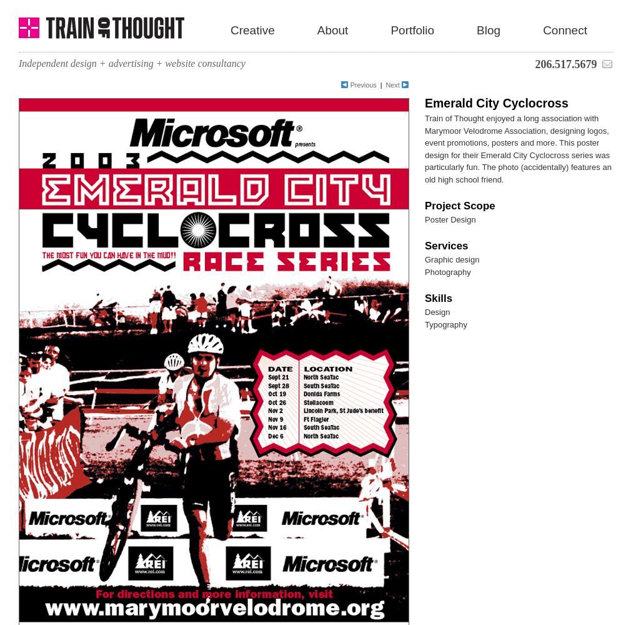  What do you see at coordinates (445, 324) in the screenshot?
I see `'Typography'` at bounding box center [445, 324].